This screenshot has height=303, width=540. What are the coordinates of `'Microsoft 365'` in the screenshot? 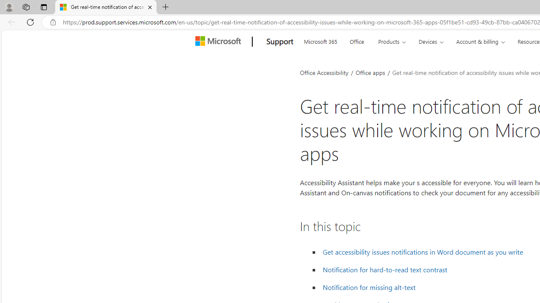 It's located at (320, 40).